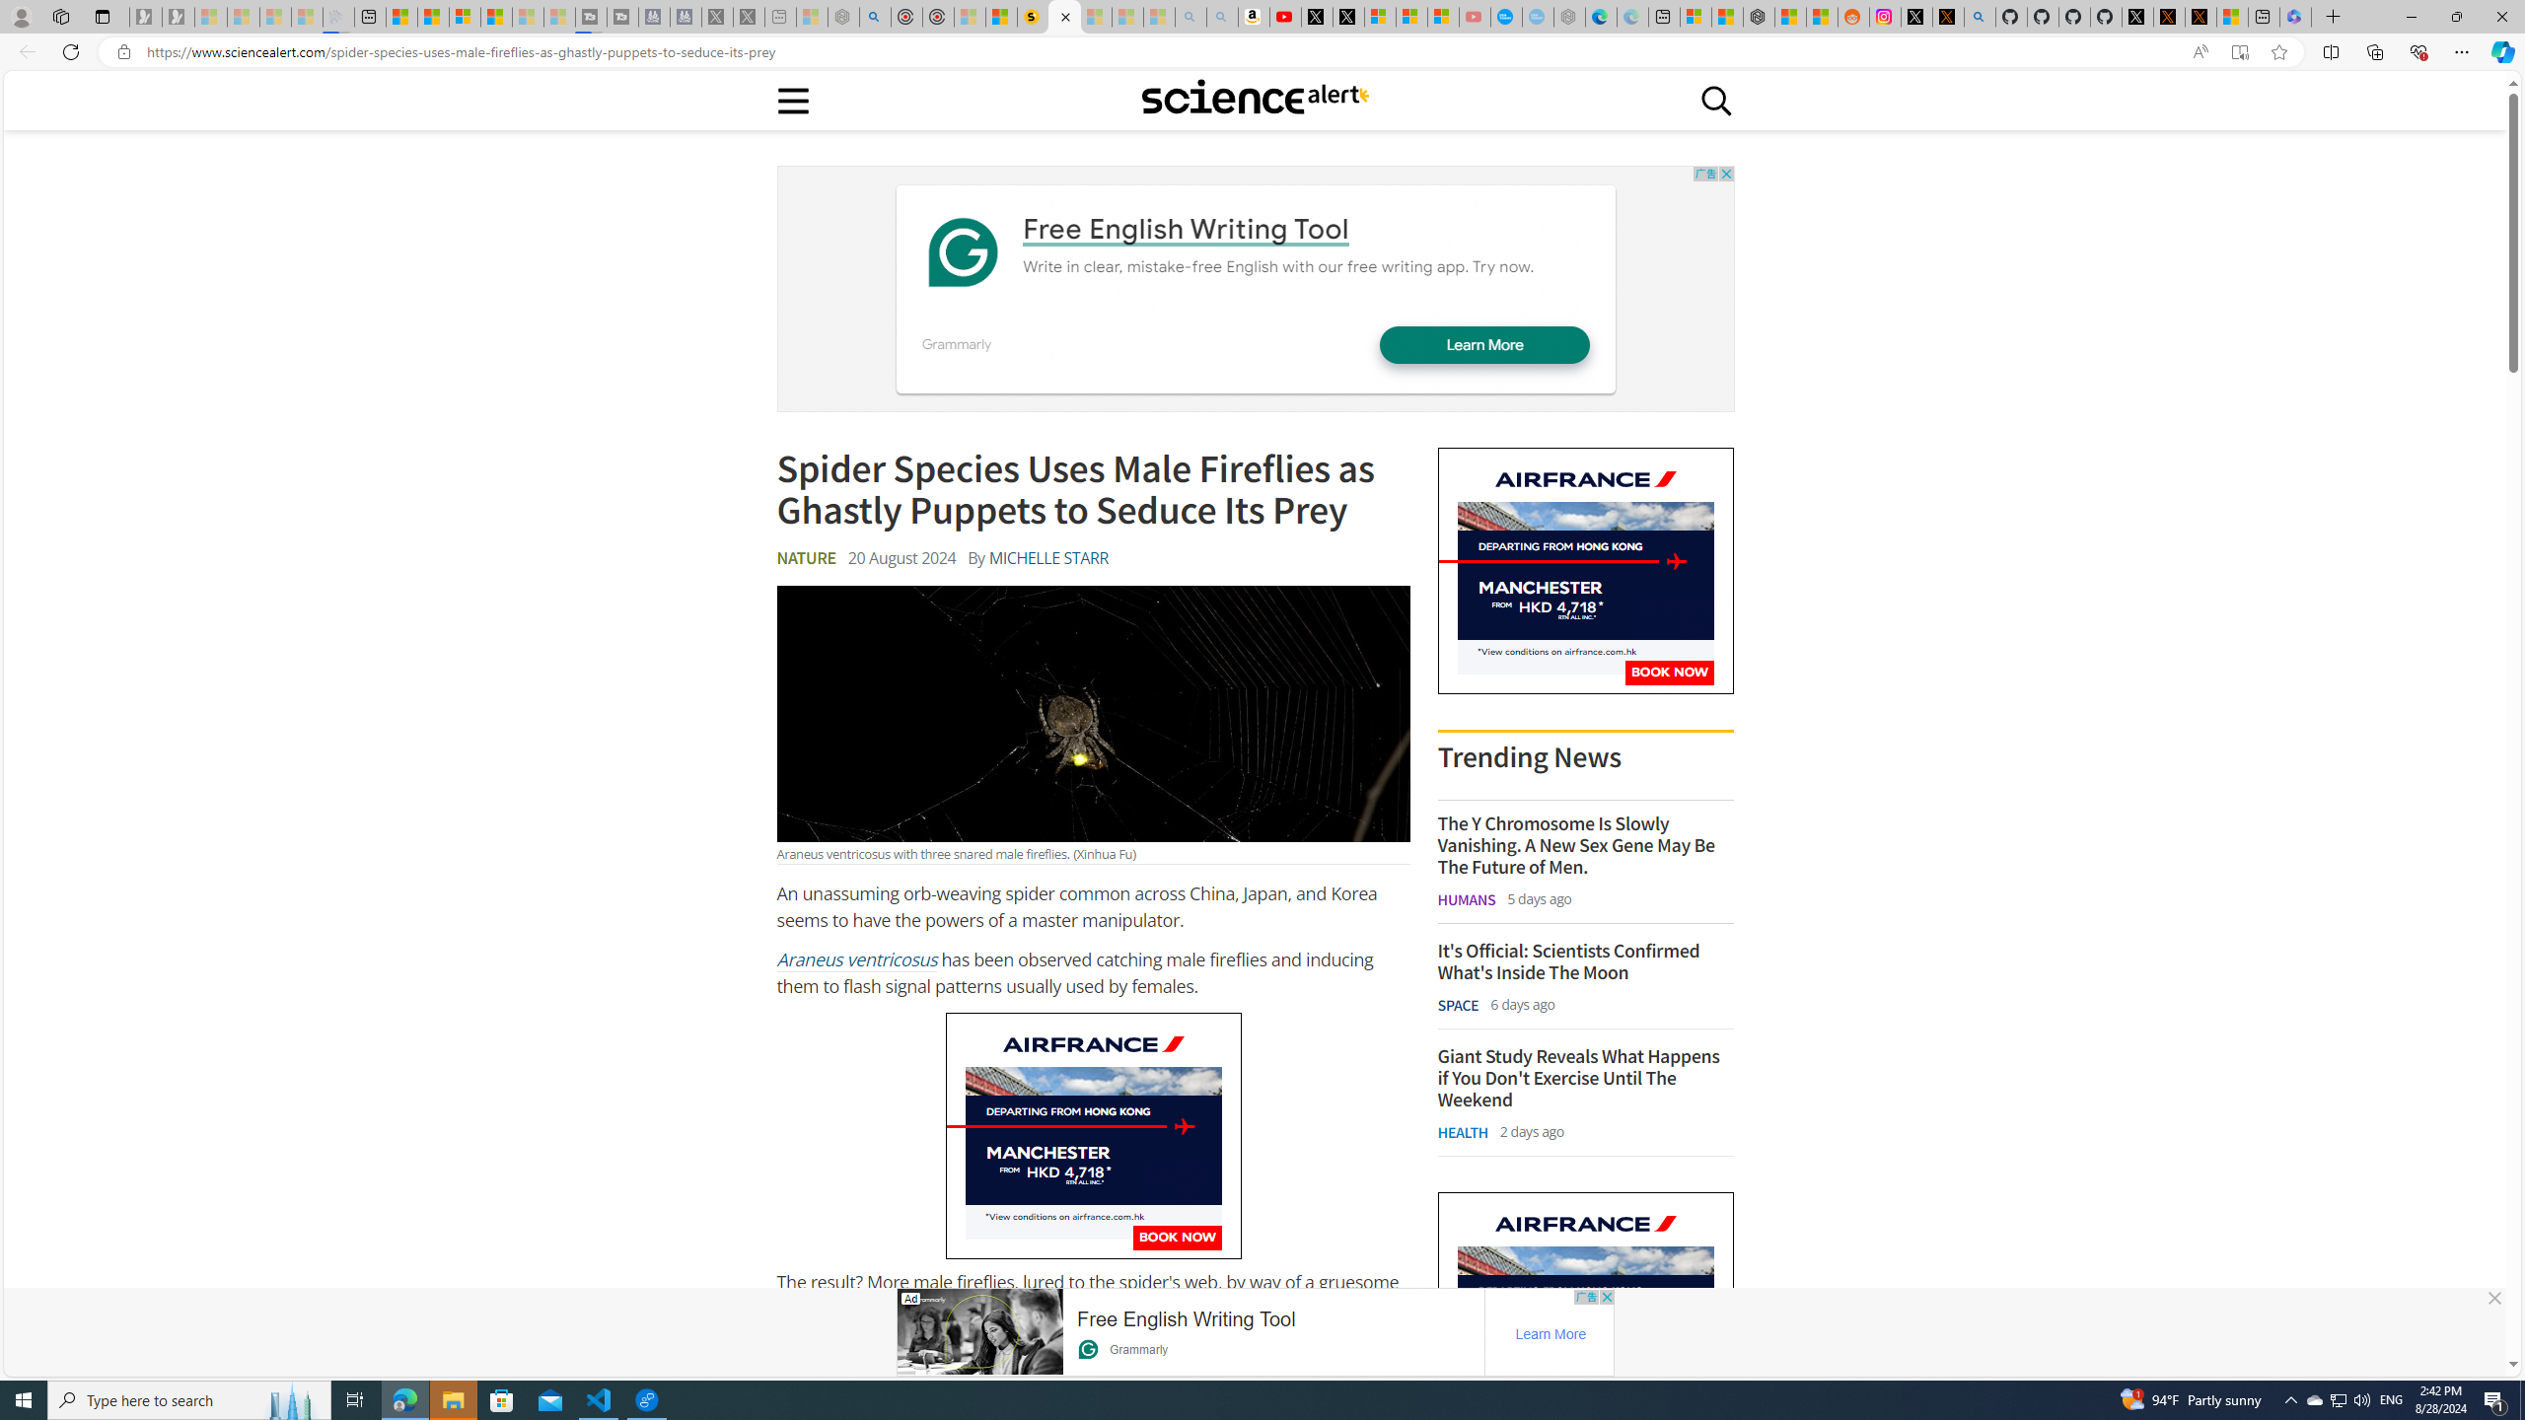 The height and width of the screenshot is (1420, 2525). What do you see at coordinates (1254, 96) in the screenshot?
I see `'Class: sciencealert-logo-desktop-svg '` at bounding box center [1254, 96].